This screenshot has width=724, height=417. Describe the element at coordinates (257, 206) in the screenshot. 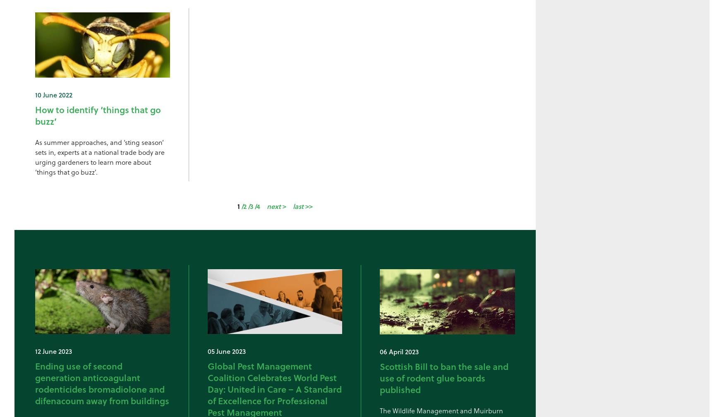

I see `'4'` at that location.